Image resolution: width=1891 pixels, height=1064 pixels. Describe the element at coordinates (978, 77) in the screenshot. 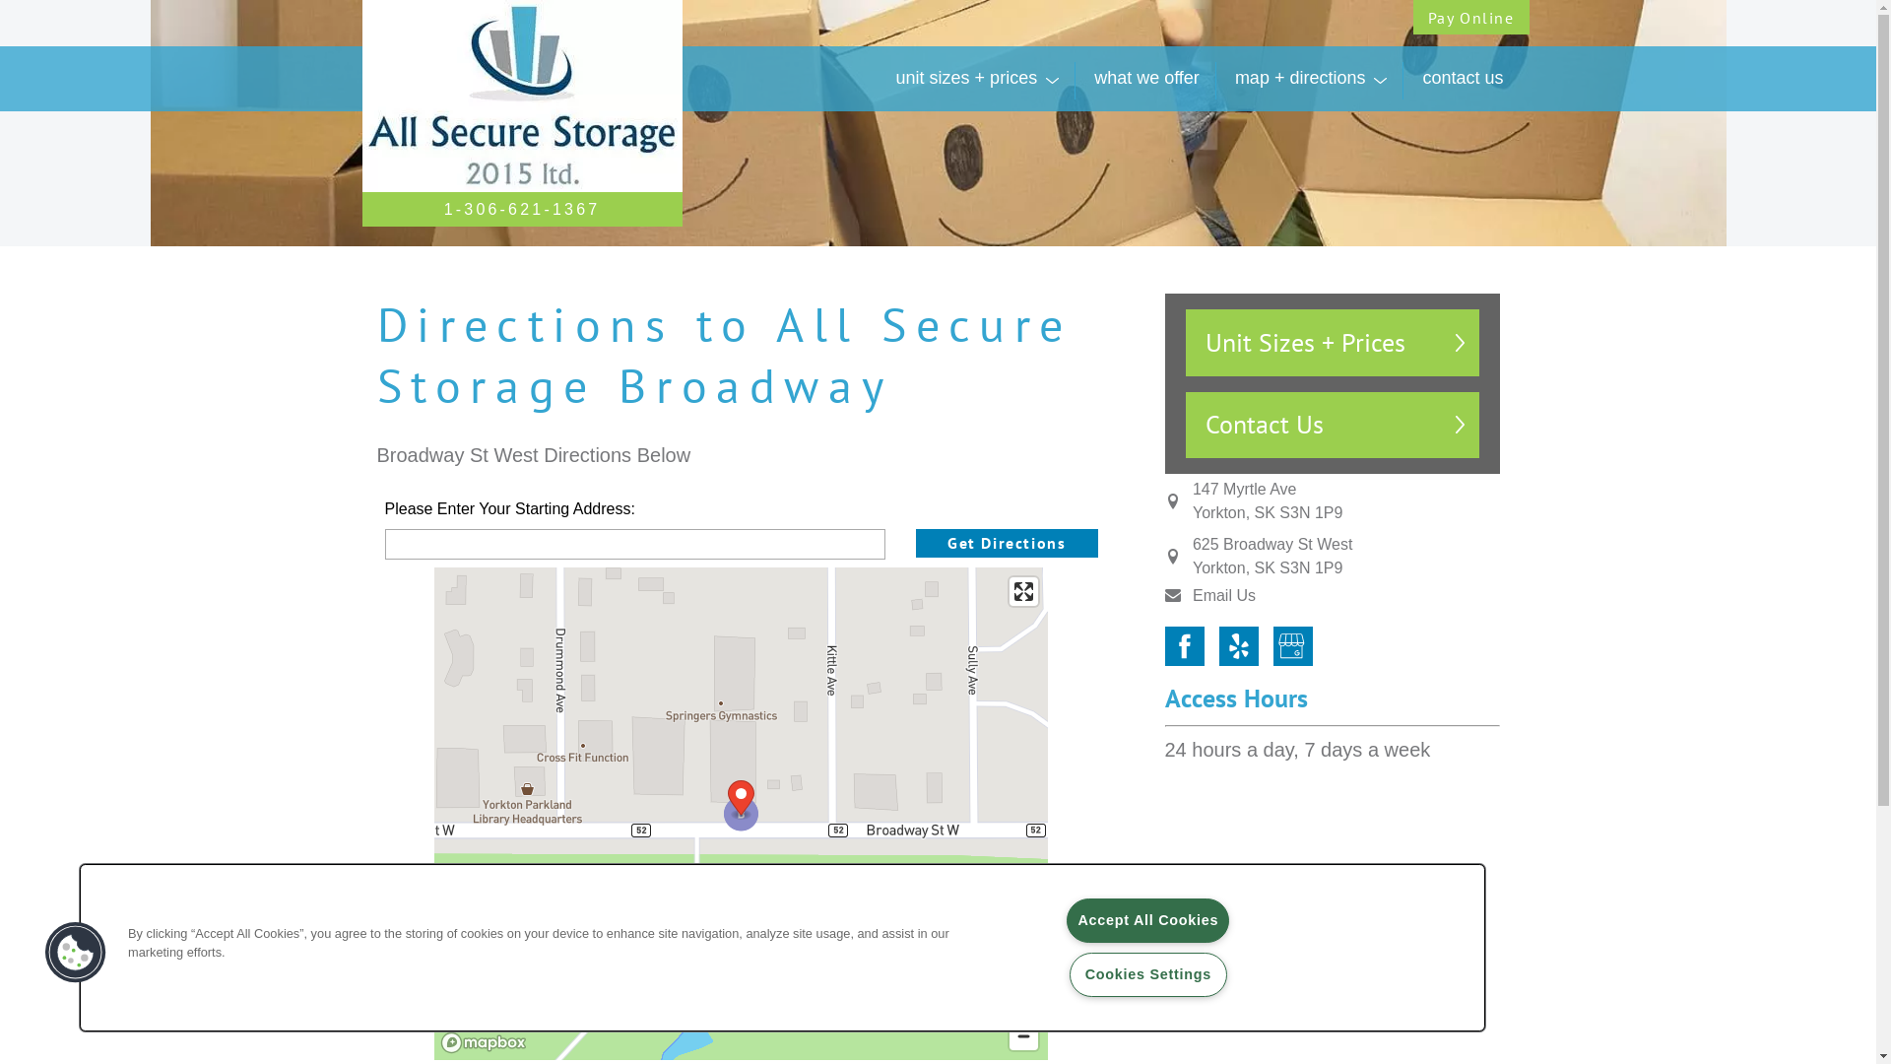

I see `'unit sizes + prices'` at that location.